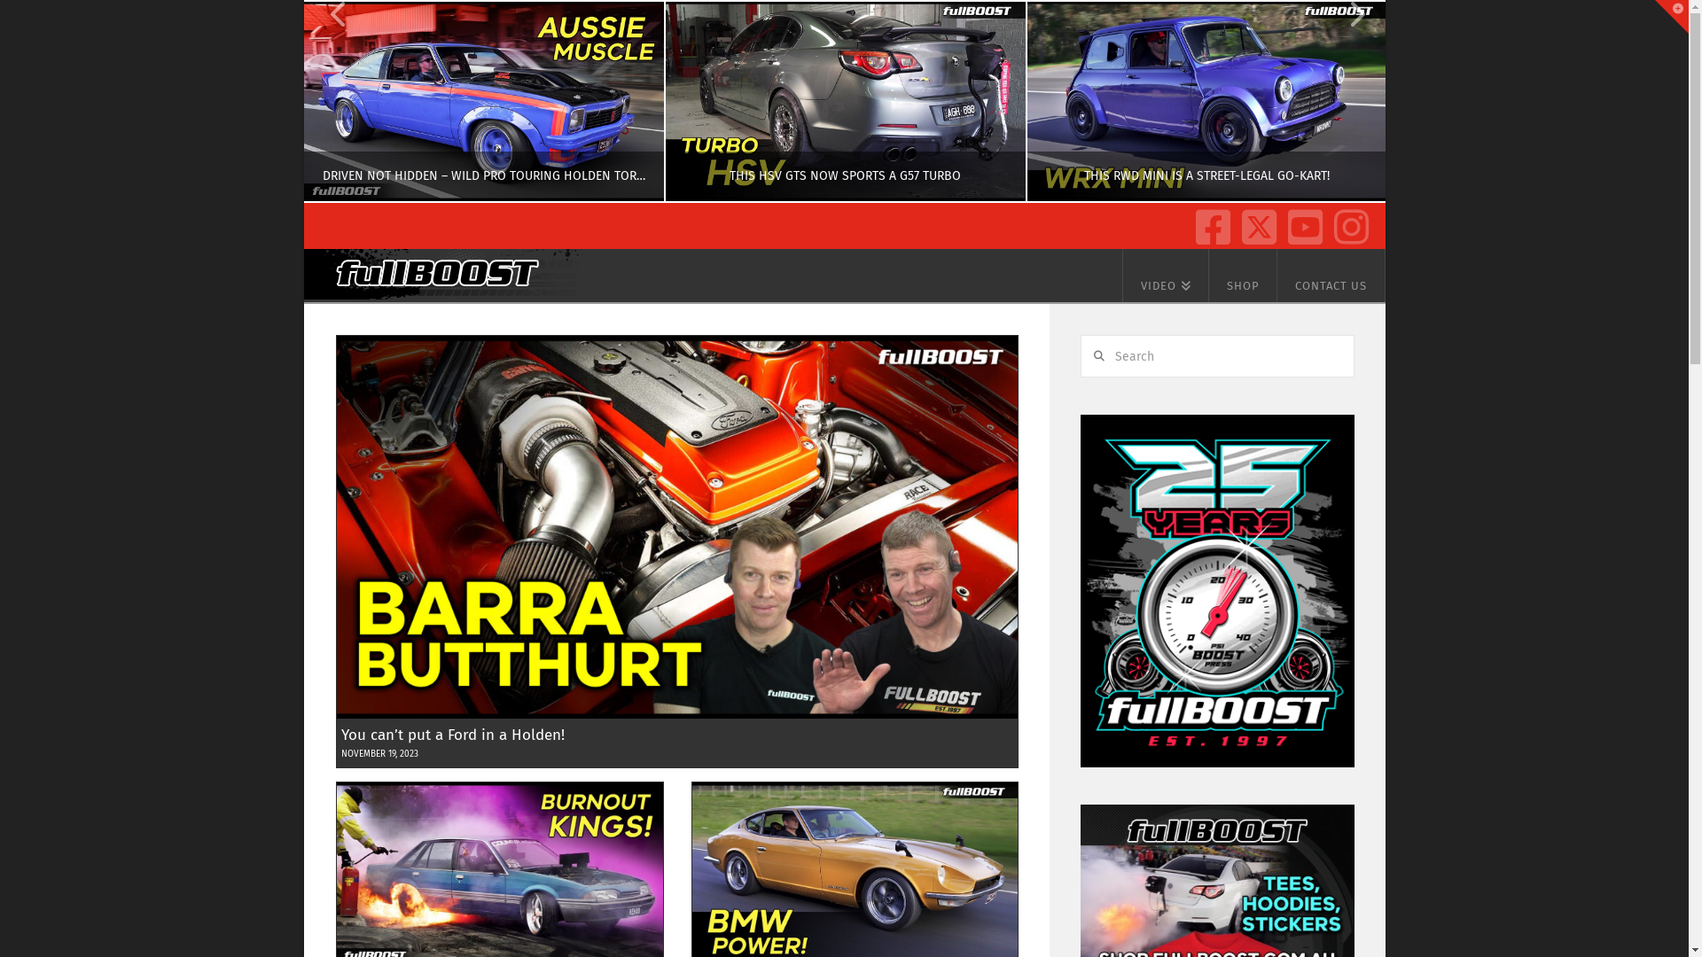  What do you see at coordinates (1166, 276) in the screenshot?
I see `'VIDEO'` at bounding box center [1166, 276].